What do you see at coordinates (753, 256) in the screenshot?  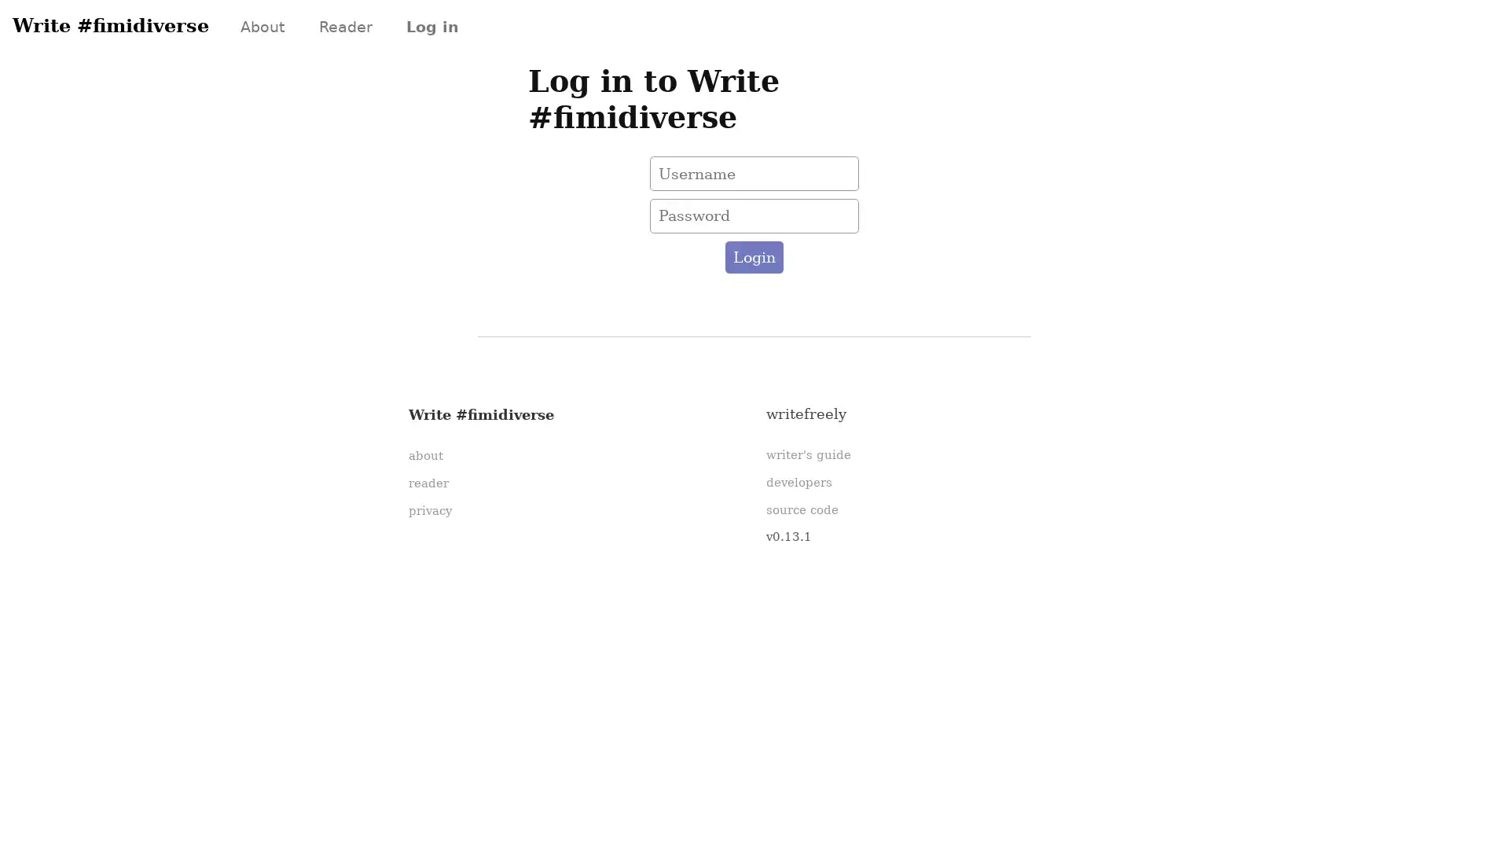 I see `Login` at bounding box center [753, 256].